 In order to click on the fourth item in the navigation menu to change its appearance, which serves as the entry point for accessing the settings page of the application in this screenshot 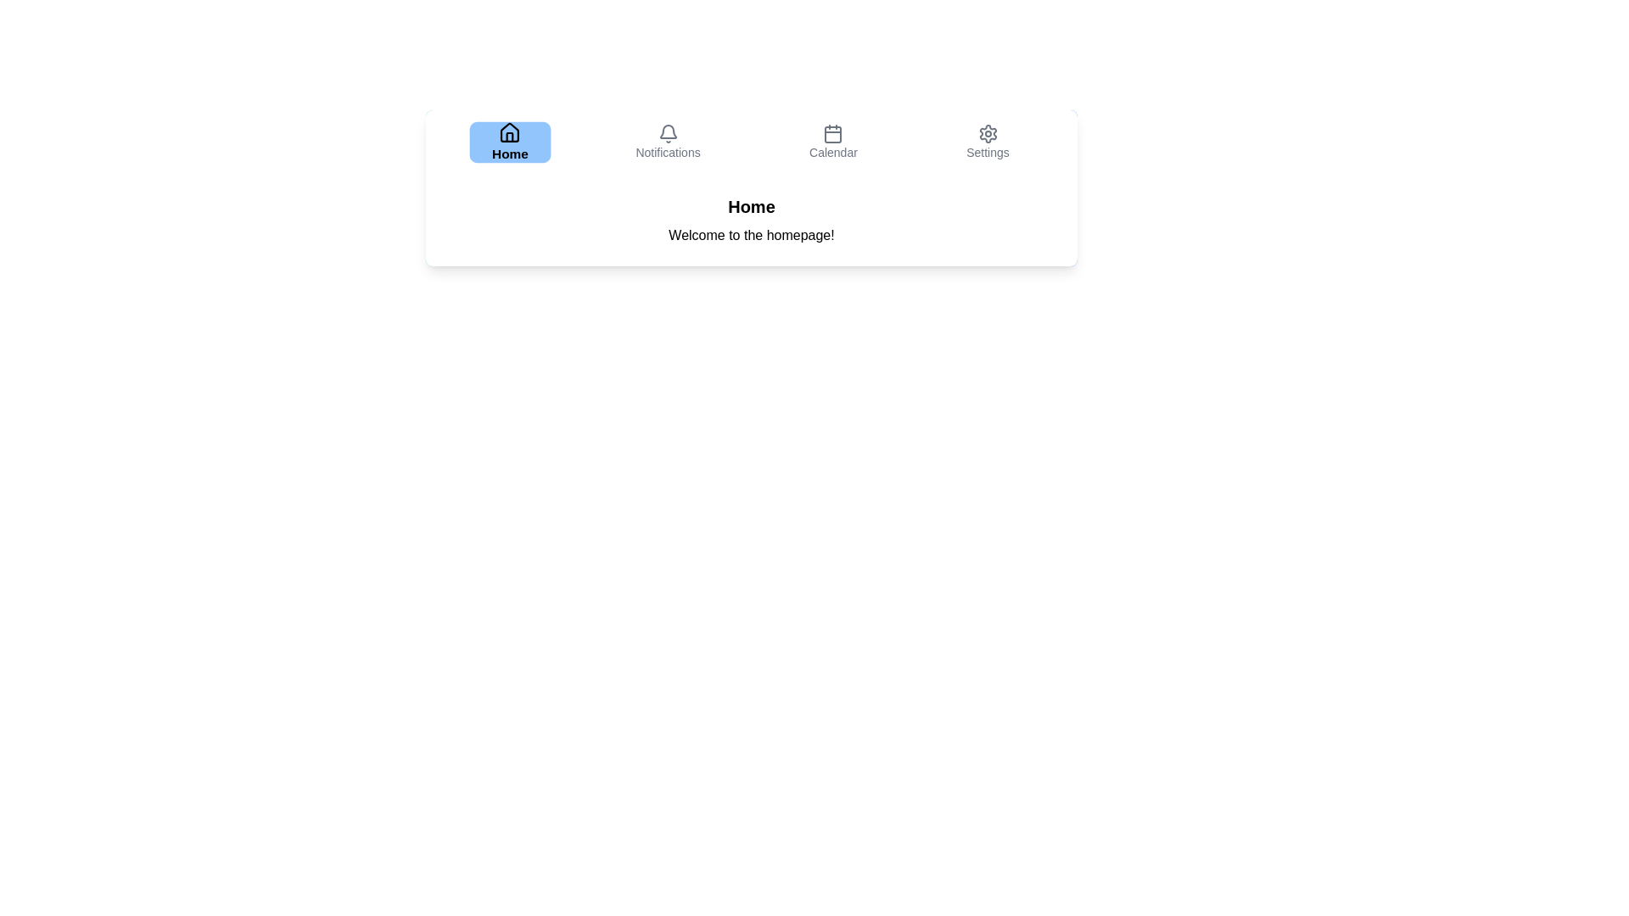, I will do `click(988, 142)`.